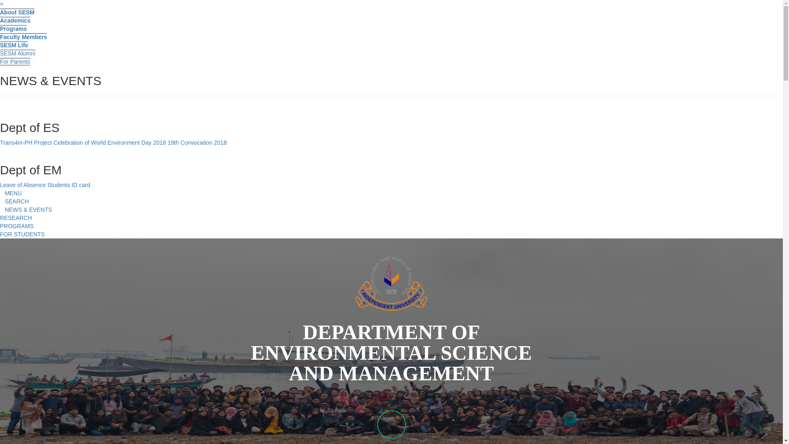  What do you see at coordinates (26, 209) in the screenshot?
I see `'   NEWS & EVENTS'` at bounding box center [26, 209].